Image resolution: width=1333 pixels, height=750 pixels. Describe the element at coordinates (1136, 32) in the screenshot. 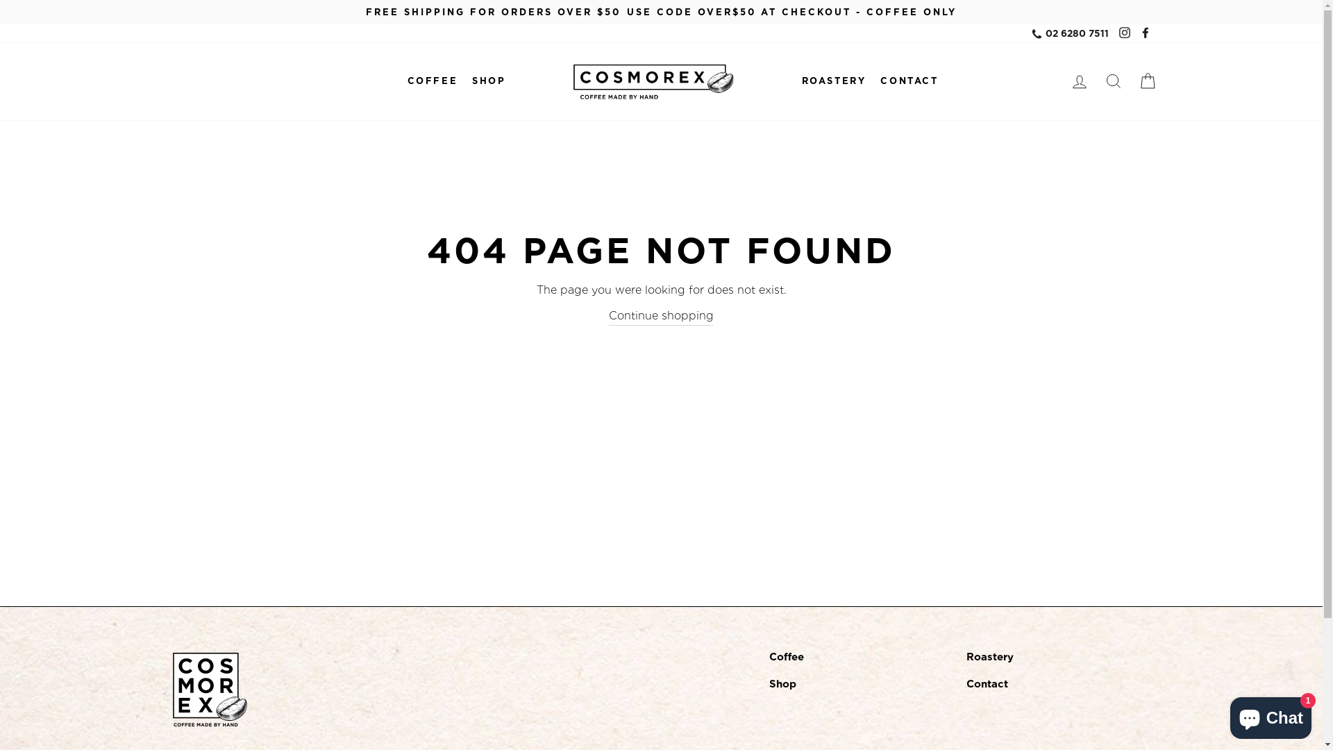

I see `'Facebook'` at that location.